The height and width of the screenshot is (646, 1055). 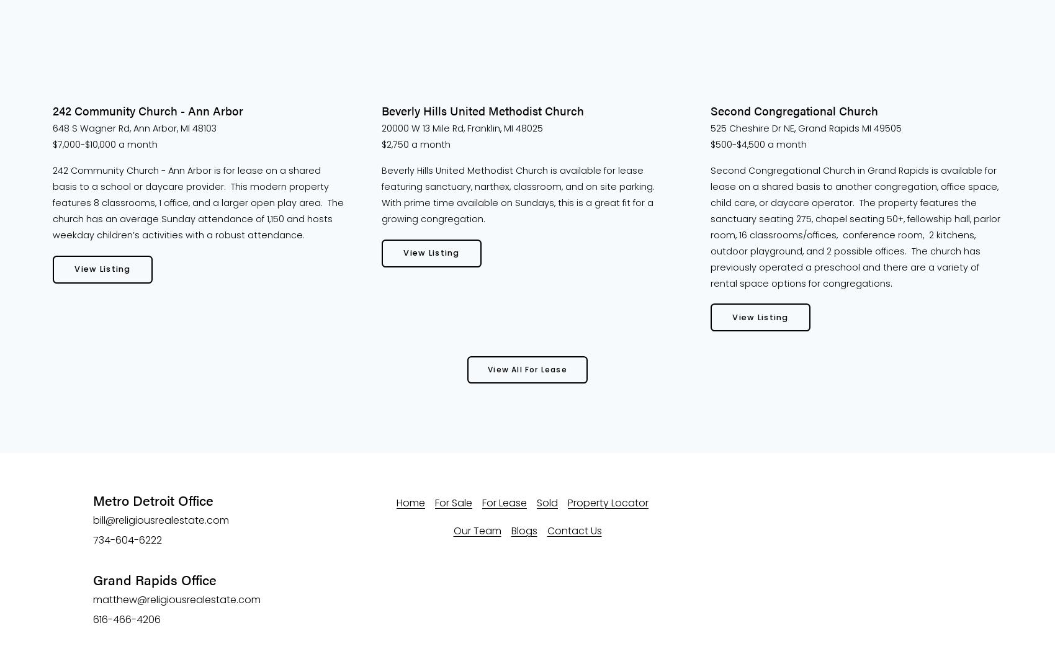 I want to click on '20000 W 13 Mile Rd, Franklin, MI 48025', so click(x=381, y=128).